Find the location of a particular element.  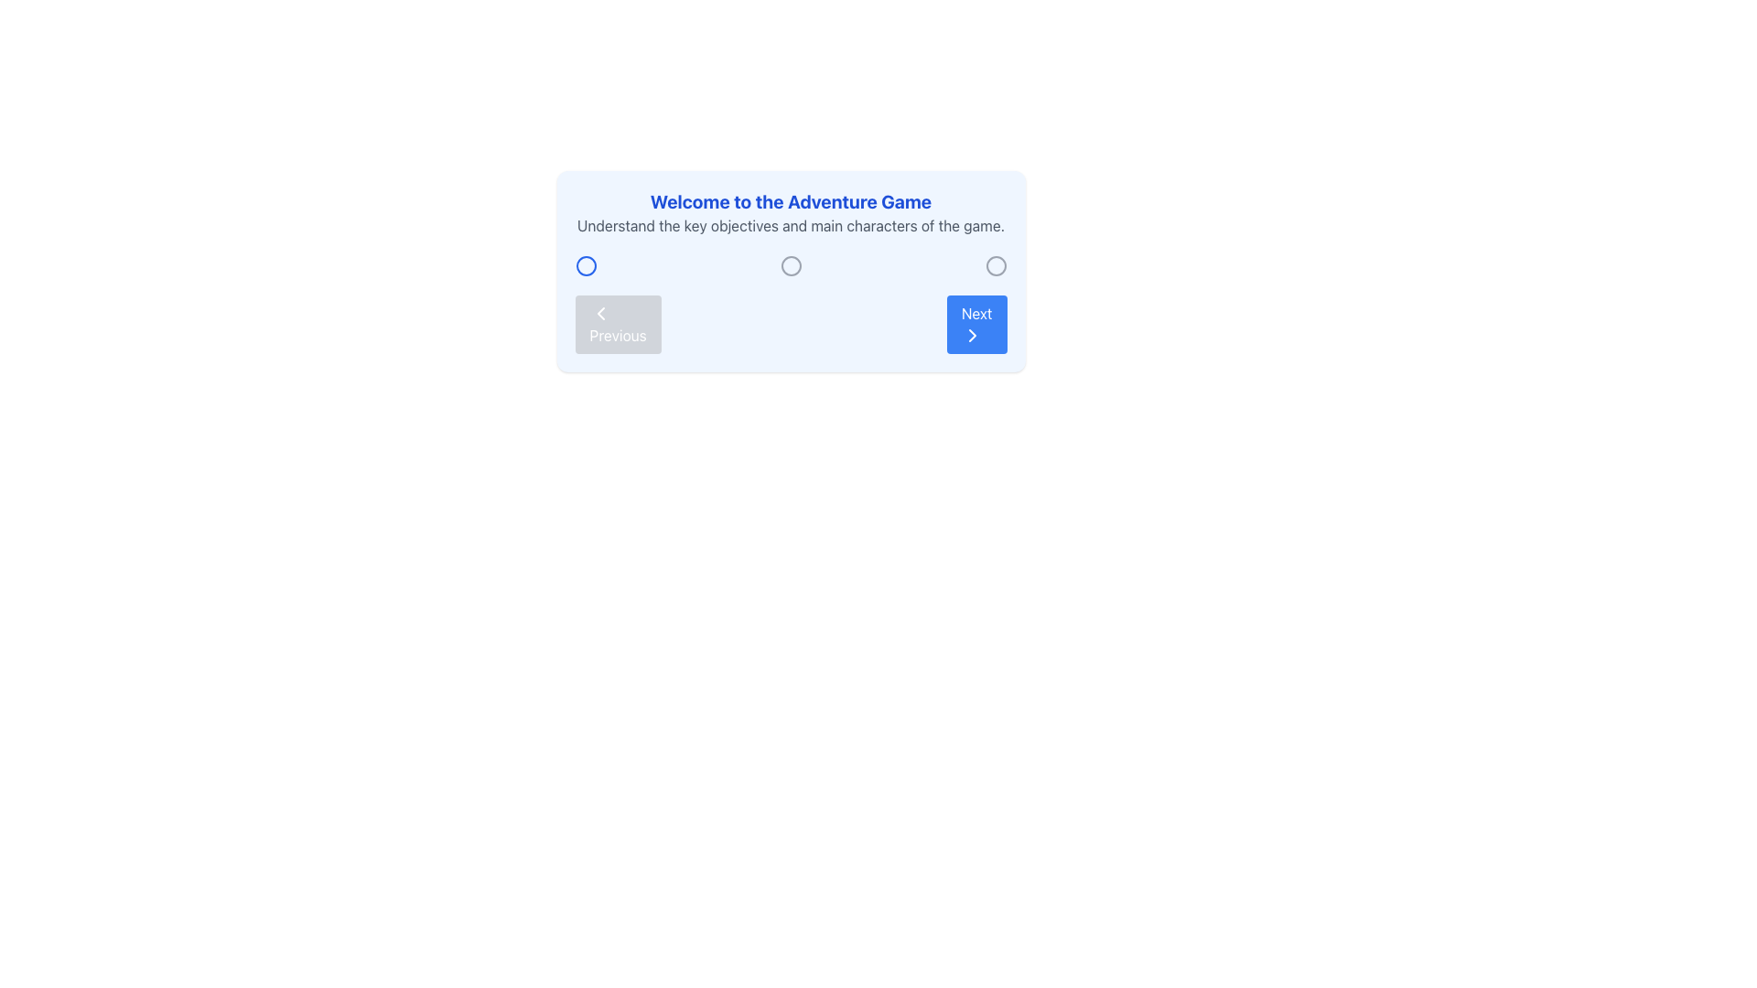

the leftmost circle in the horizontal row of three circles, which serves as a visual indicator for navigation or selection is located at coordinates (586, 265).